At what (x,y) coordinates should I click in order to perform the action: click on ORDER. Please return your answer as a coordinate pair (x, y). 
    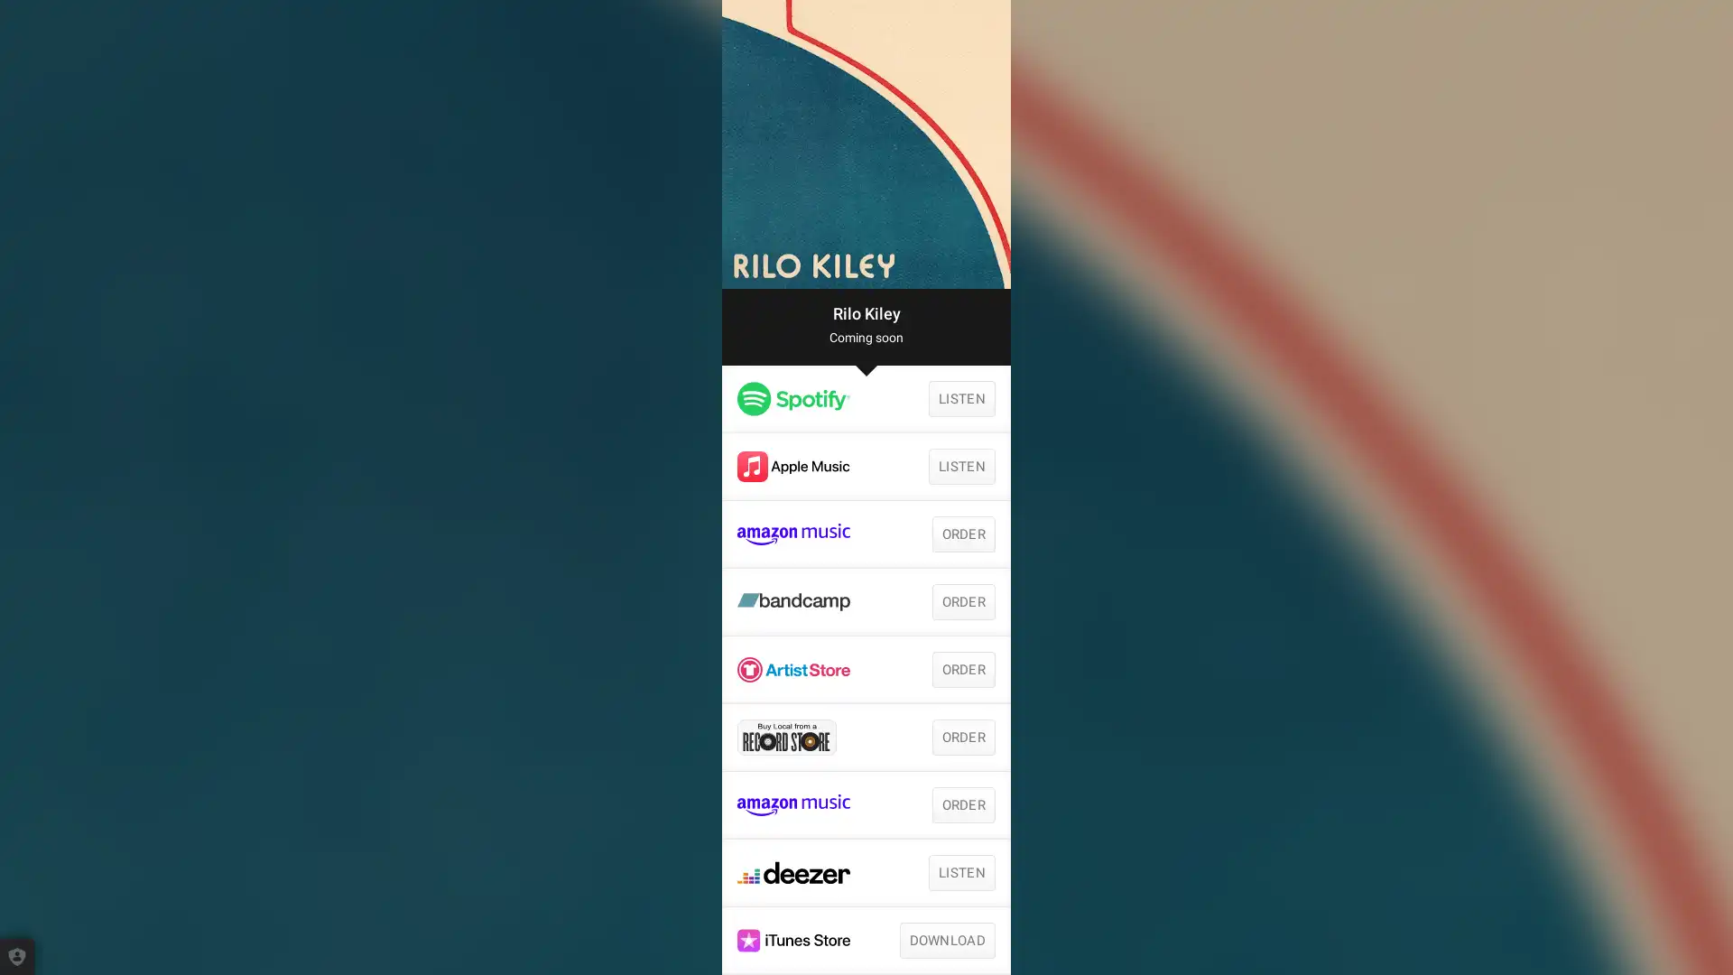
    Looking at the image, I should click on (962, 602).